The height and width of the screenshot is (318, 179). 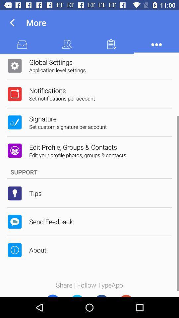 I want to click on support, so click(x=89, y=172).